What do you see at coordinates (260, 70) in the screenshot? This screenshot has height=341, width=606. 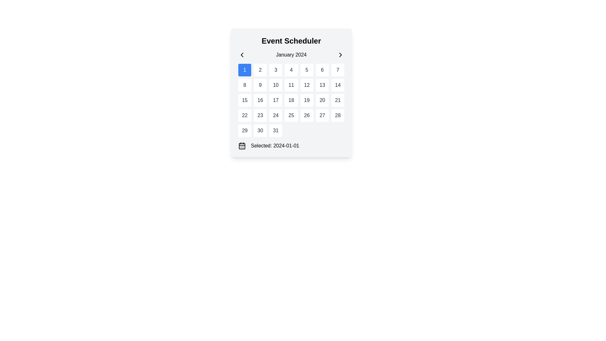 I see `the selectable day button representing the number '2' in the calendar interface` at bounding box center [260, 70].